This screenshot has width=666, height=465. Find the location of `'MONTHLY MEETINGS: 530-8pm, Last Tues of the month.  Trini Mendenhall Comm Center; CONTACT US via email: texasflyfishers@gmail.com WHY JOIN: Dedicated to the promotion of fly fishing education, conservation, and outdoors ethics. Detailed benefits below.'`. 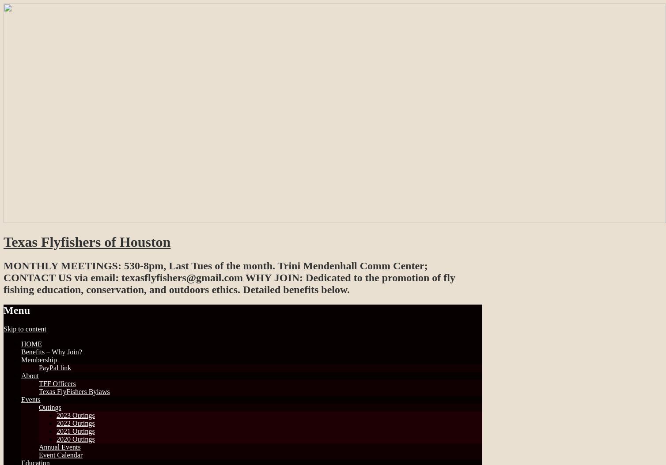

'MONTHLY MEETINGS: 530-8pm, Last Tues of the month.  Trini Mendenhall Comm Center; CONTACT US via email: texasflyfishers@gmail.com WHY JOIN: Dedicated to the promotion of fly fishing education, conservation, and outdoors ethics. Detailed benefits below.' is located at coordinates (229, 277).